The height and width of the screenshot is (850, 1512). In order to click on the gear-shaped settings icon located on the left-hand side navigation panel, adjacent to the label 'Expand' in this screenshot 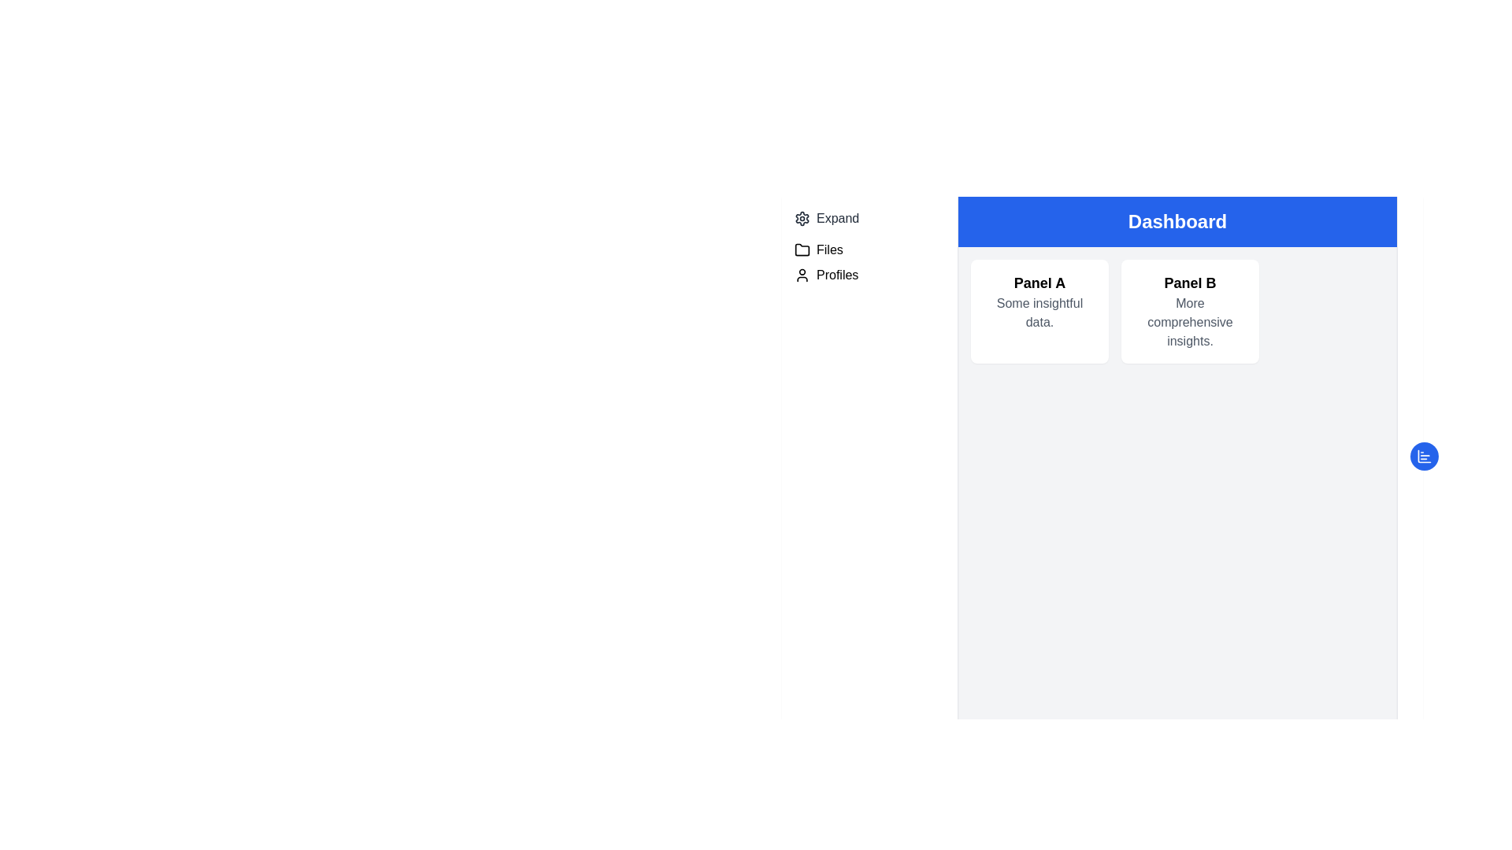, I will do `click(802, 218)`.